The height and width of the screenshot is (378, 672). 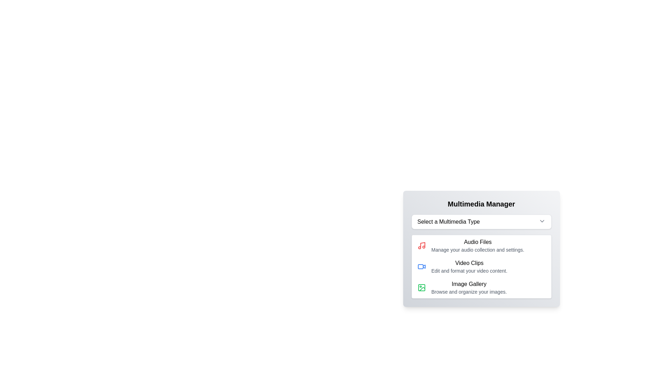 What do you see at coordinates (477, 249) in the screenshot?
I see `the text label 'Manage your audio collection and settings.' which is styled in gray and appears below the title 'Audio Files' in the 'Multimedia Manager' interface` at bounding box center [477, 249].